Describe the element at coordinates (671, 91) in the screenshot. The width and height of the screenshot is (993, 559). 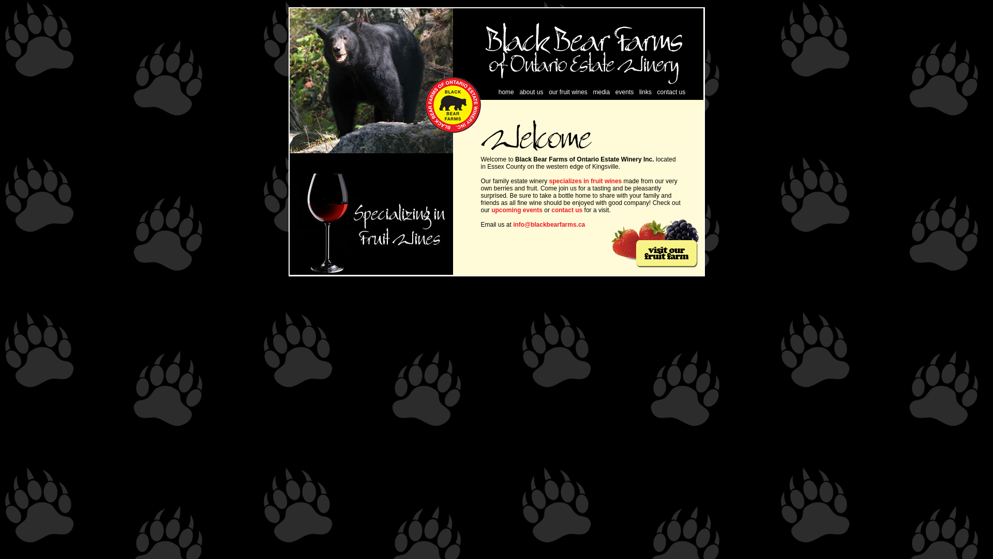
I see `'contact us'` at that location.